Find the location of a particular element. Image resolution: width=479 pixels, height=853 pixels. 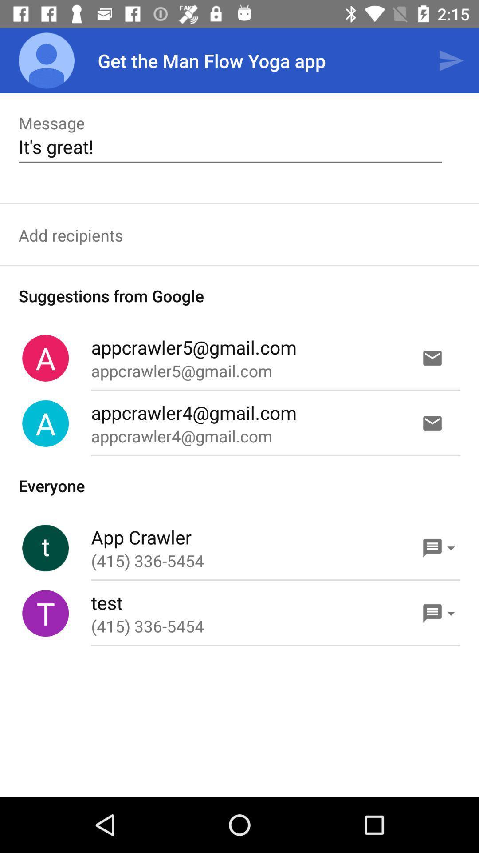

the item above the message is located at coordinates (46, 60).